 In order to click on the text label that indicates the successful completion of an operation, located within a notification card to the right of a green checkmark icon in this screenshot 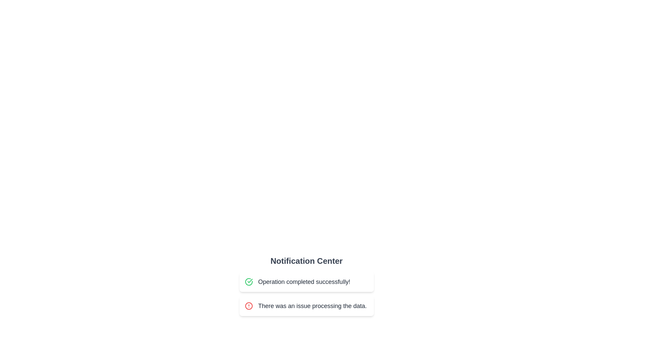, I will do `click(304, 282)`.